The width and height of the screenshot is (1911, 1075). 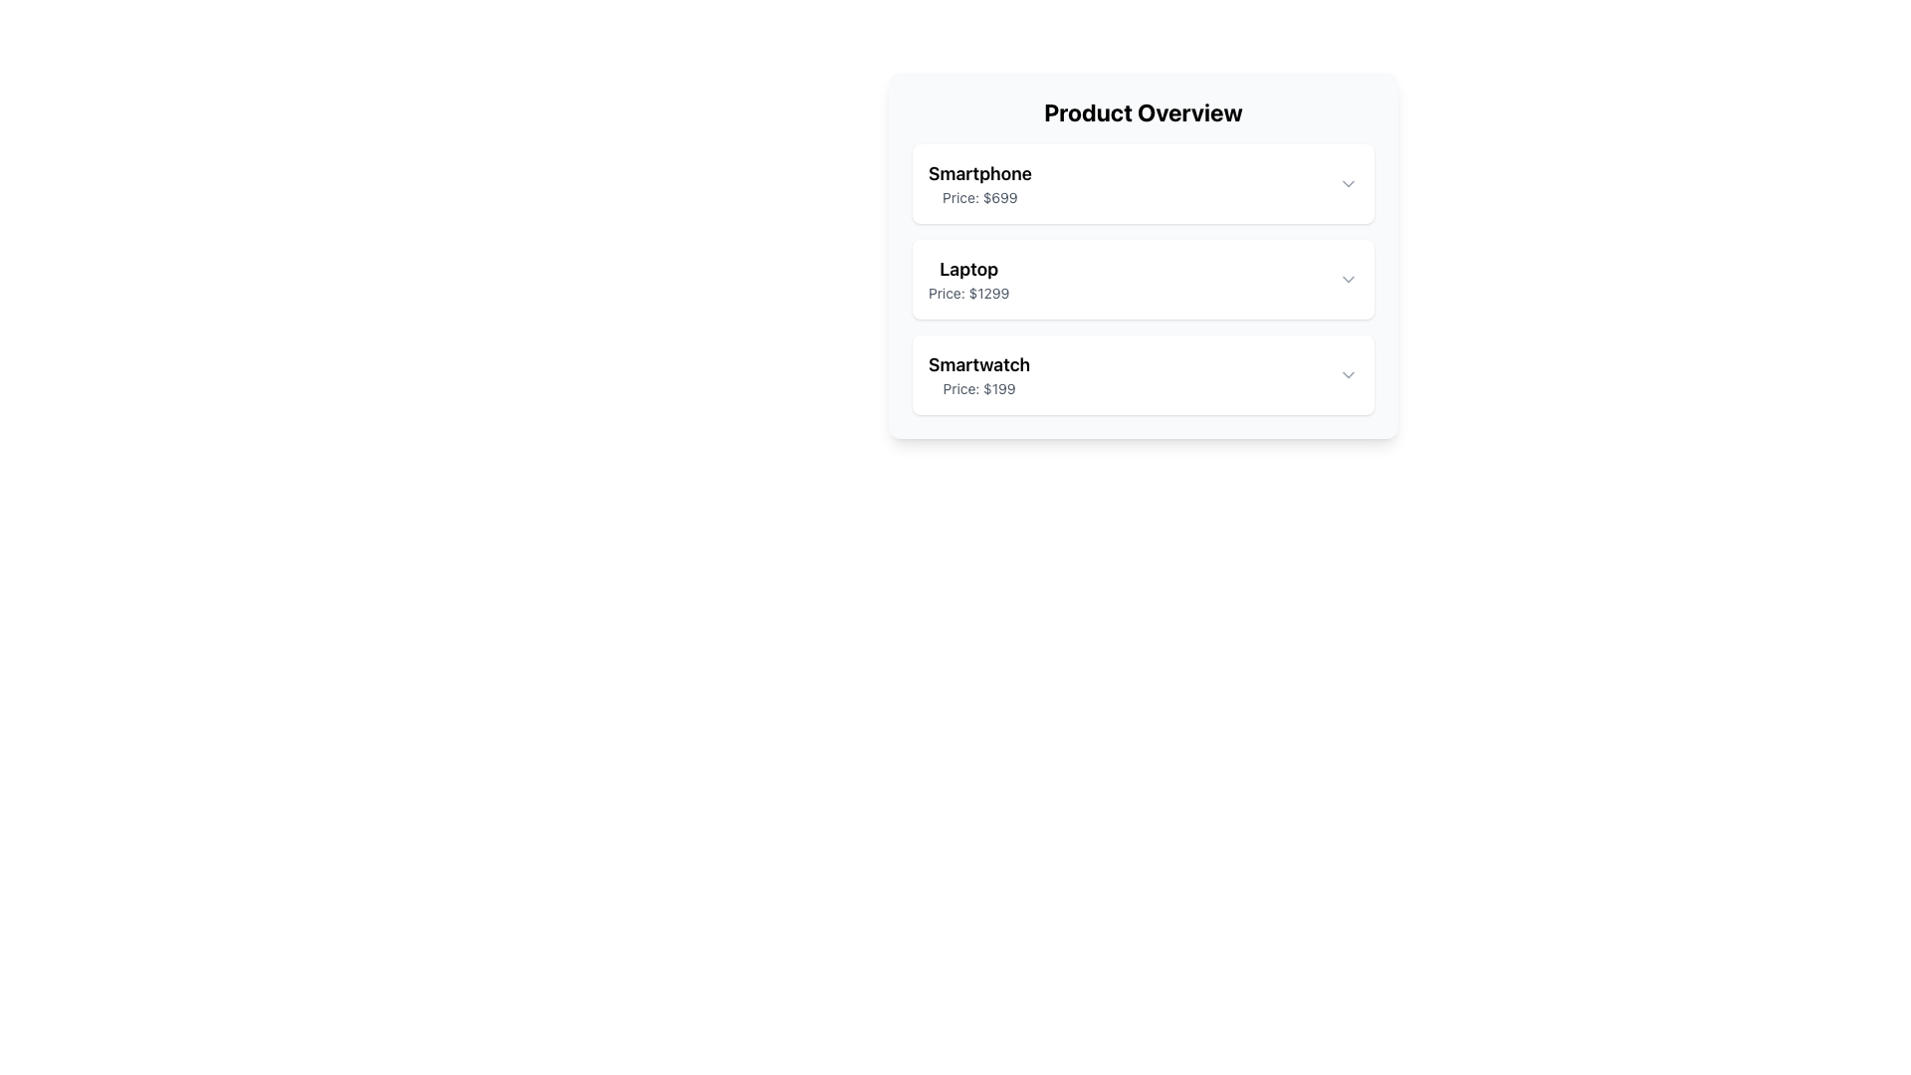 I want to click on the Text display element showing 'Smartphone' in bold and 'Price: $699' in smaller, gray text, which is the first item in the product list under 'Product Overview', so click(x=979, y=184).